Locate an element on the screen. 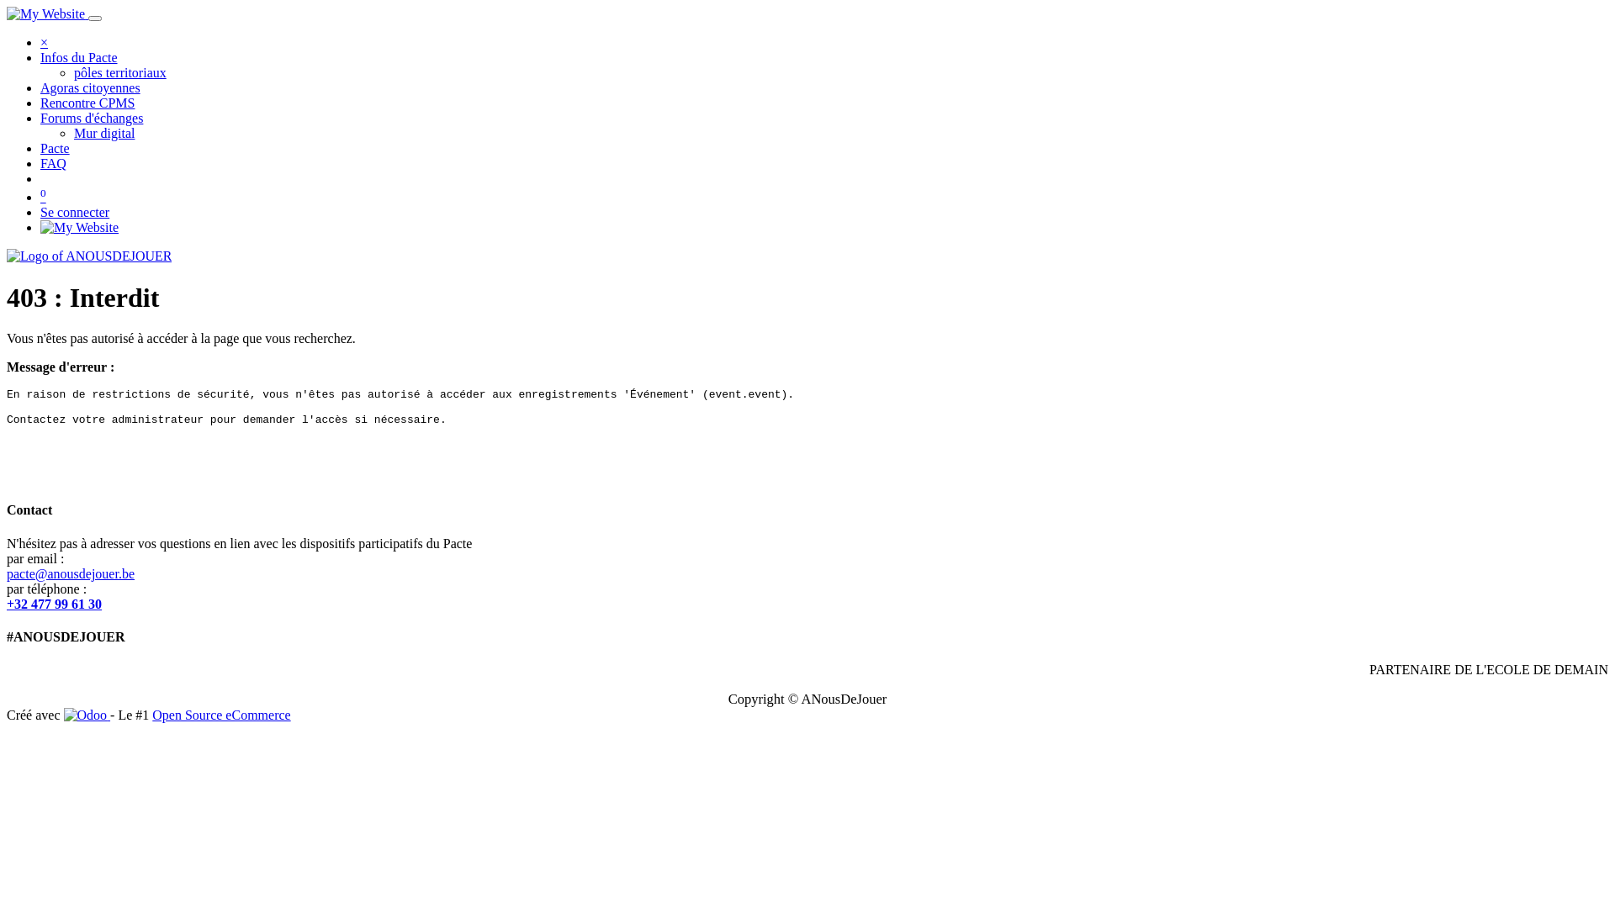  'Rencontre CPMS' is located at coordinates (87, 103).